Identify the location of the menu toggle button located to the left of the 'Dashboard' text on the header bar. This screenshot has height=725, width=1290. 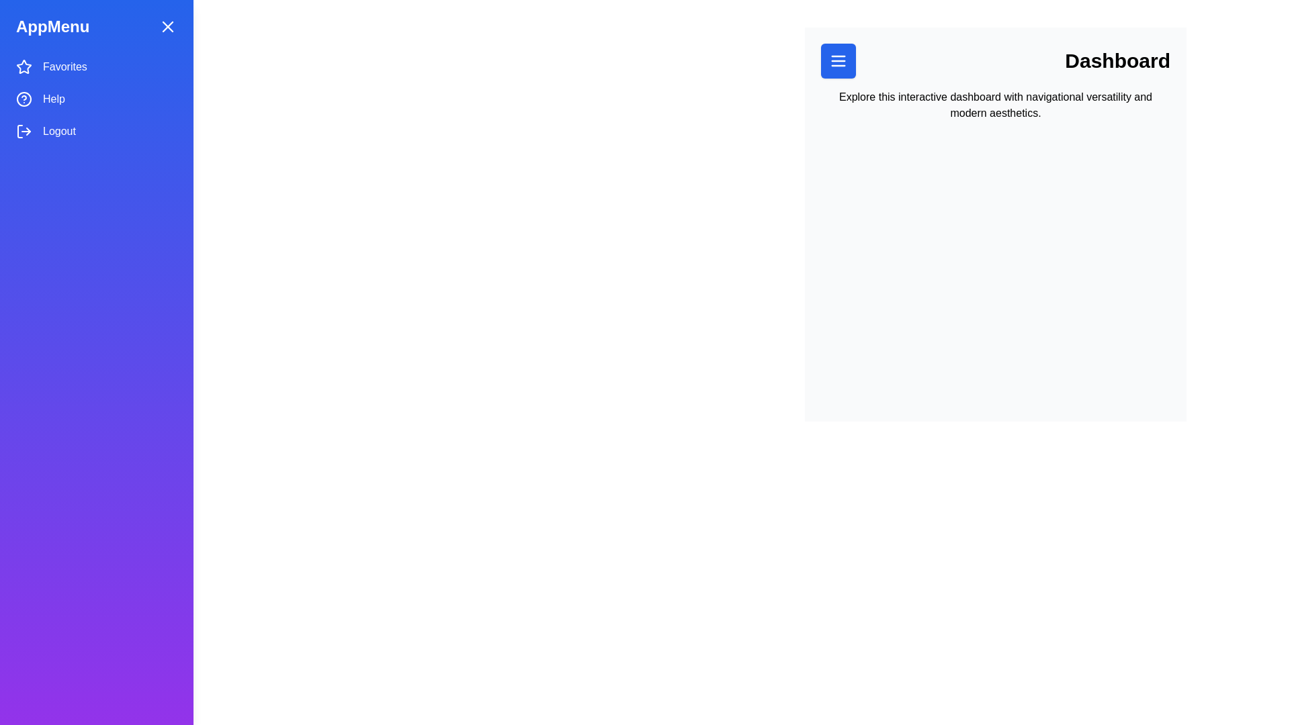
(838, 61).